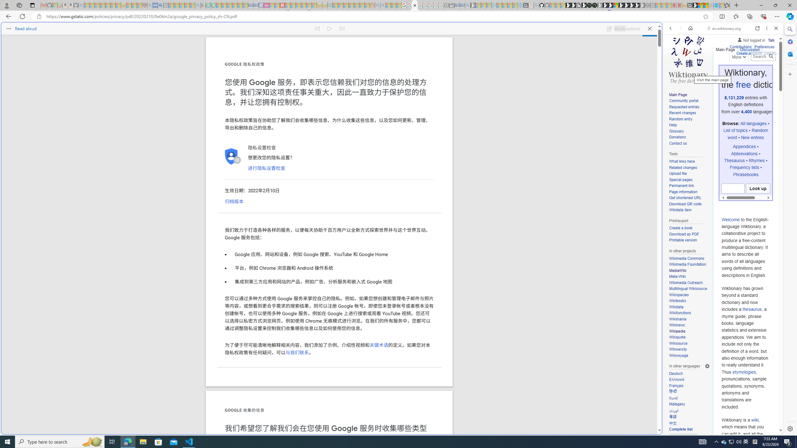  Describe the element at coordinates (756, 160) in the screenshot. I see `'Rhymes'` at that location.